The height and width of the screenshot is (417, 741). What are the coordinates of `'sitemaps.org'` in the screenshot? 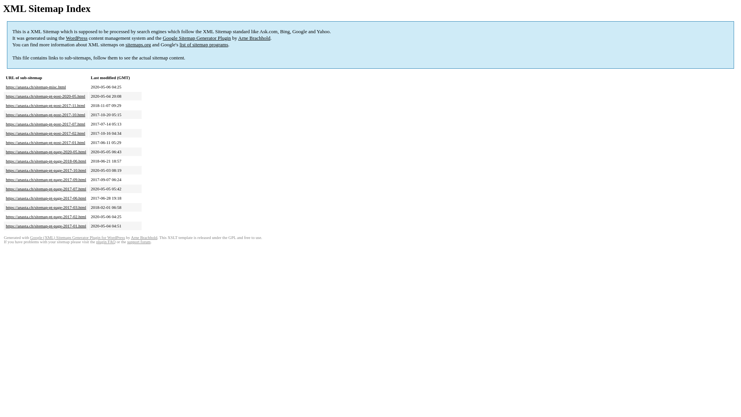 It's located at (125, 44).